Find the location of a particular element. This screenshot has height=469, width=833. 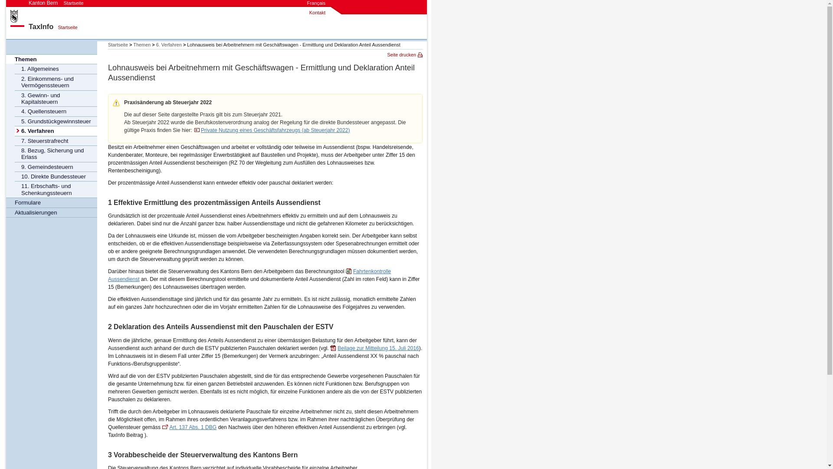

'Kontakt' is located at coordinates (309, 13).